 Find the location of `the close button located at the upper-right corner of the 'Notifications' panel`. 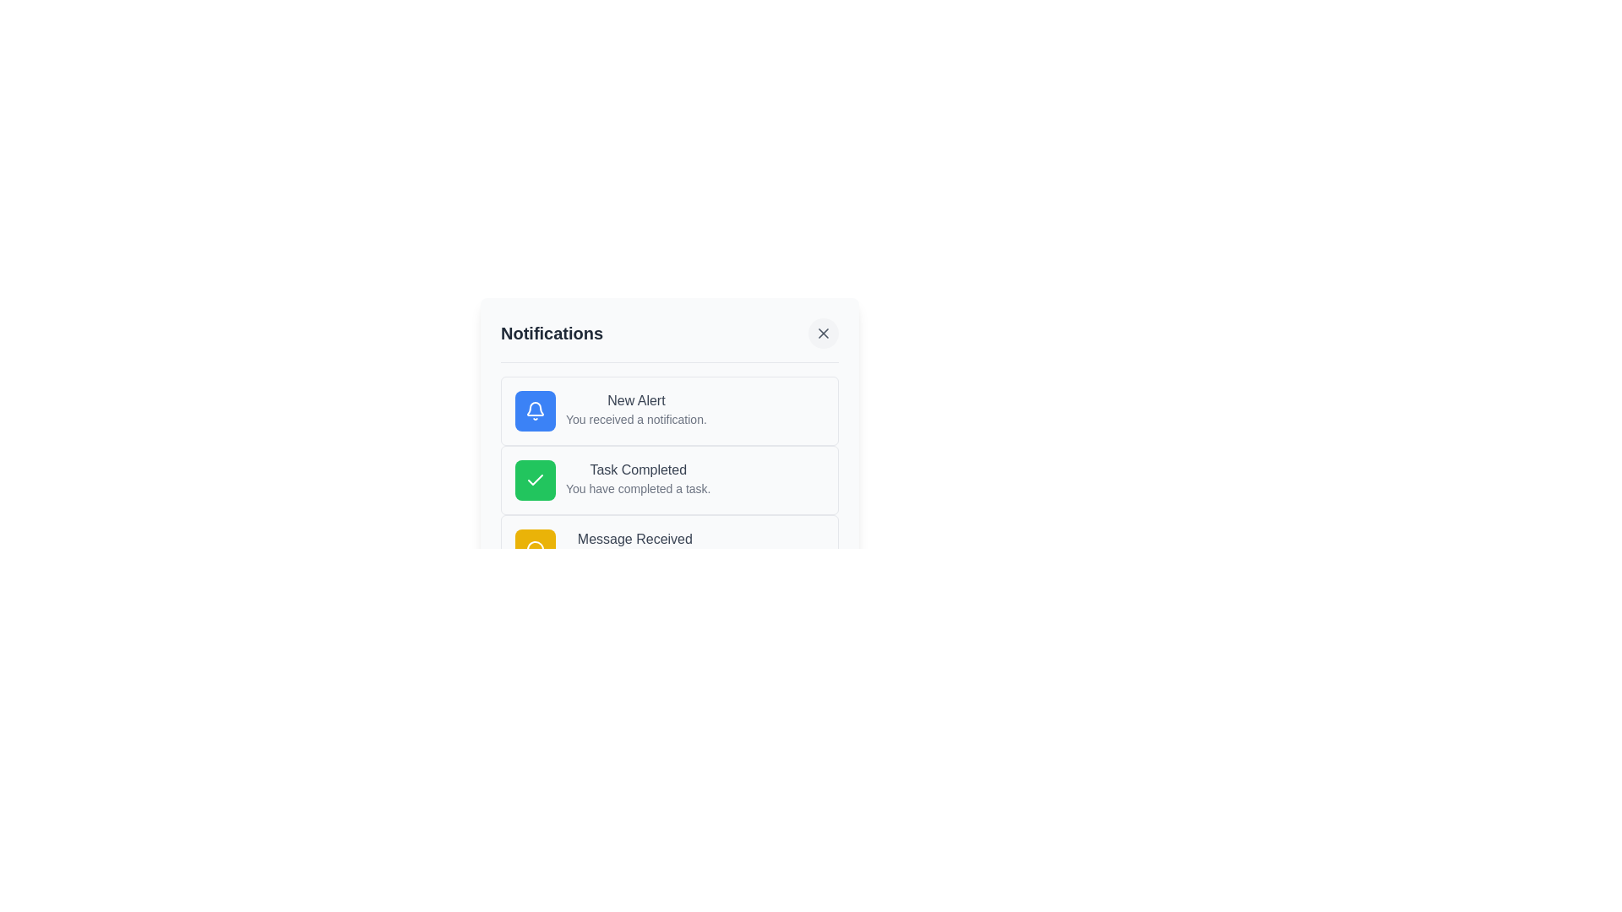

the close button located at the upper-right corner of the 'Notifications' panel is located at coordinates (823, 333).